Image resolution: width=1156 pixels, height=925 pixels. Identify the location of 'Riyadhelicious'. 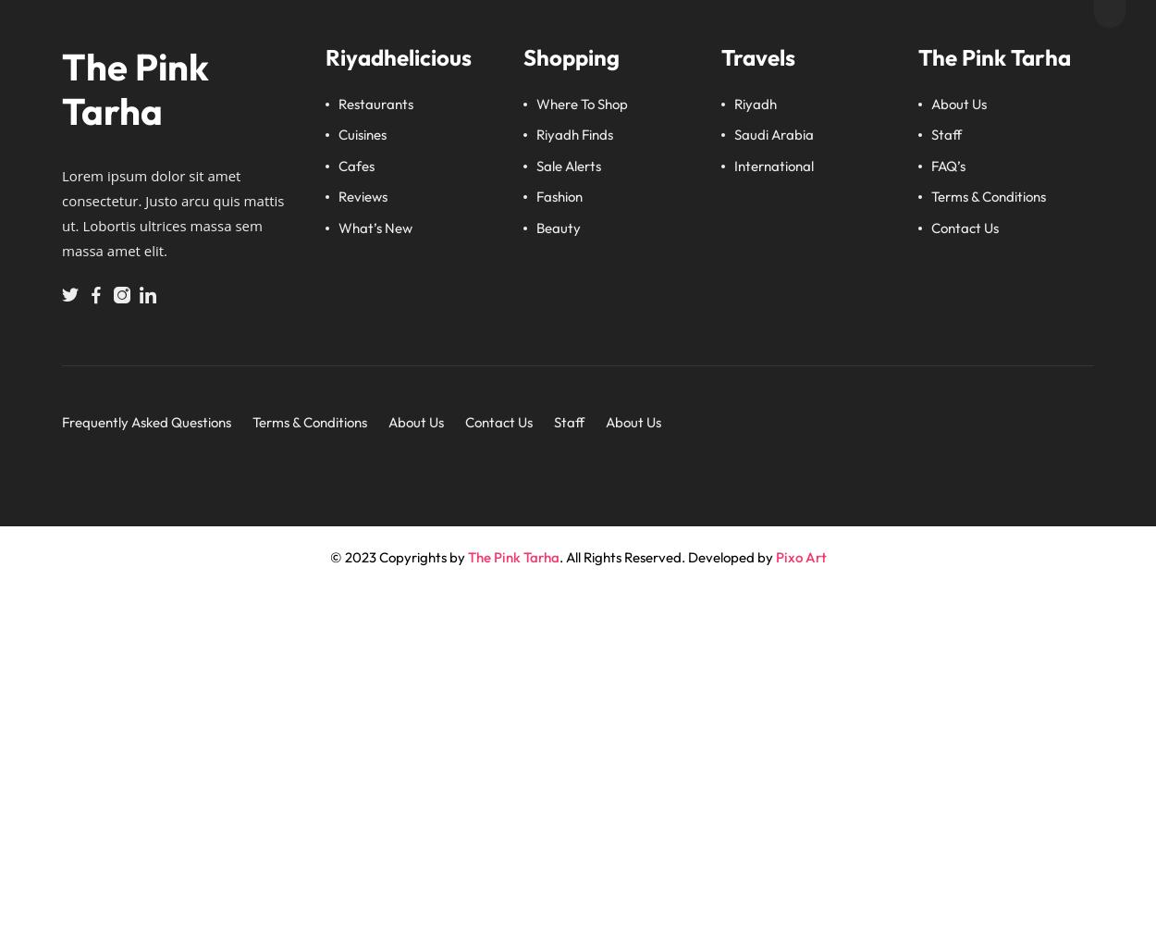
(325, 56).